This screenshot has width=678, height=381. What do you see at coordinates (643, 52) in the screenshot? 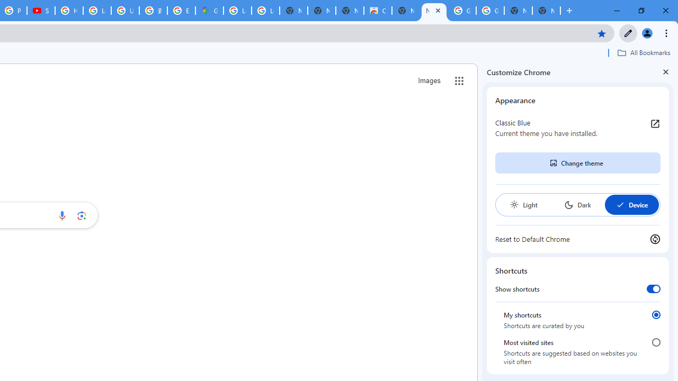
I see `'All Bookmarks'` at bounding box center [643, 52].